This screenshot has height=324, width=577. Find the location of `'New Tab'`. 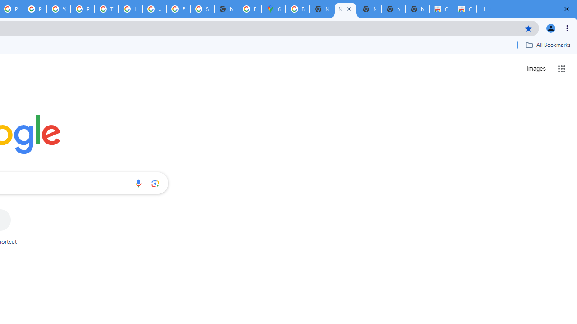

'New Tab' is located at coordinates (417, 9).